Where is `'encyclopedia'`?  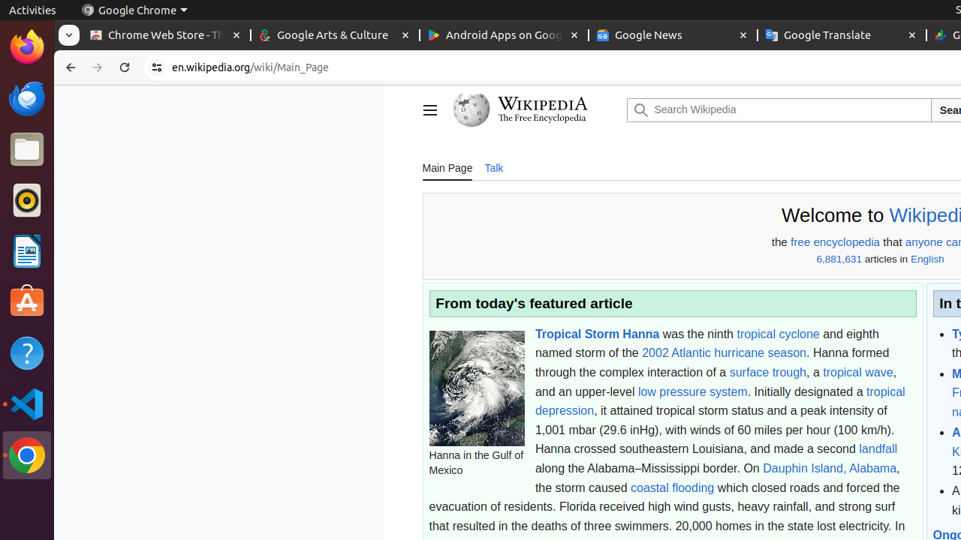
'encyclopedia' is located at coordinates (846, 241).